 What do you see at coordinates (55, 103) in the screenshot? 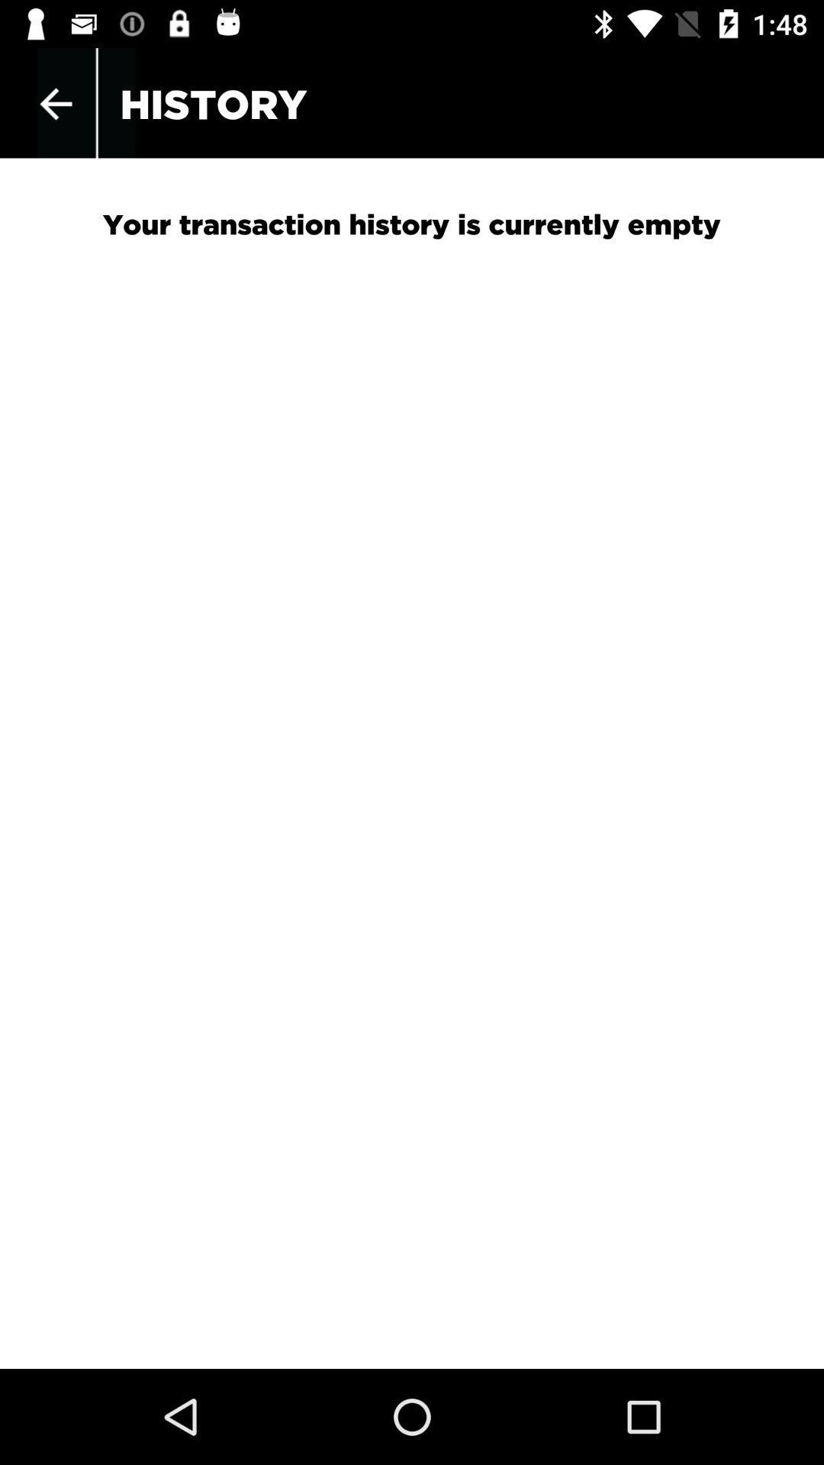
I see `icon above your transaction history item` at bounding box center [55, 103].